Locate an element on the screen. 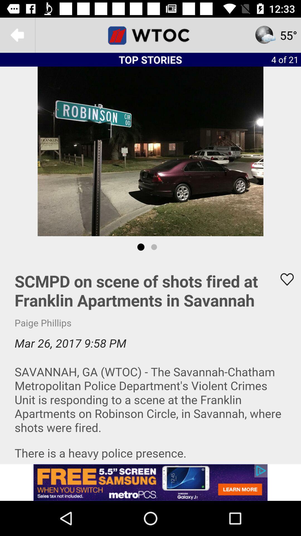  the arrow_backward icon is located at coordinates (17, 35).